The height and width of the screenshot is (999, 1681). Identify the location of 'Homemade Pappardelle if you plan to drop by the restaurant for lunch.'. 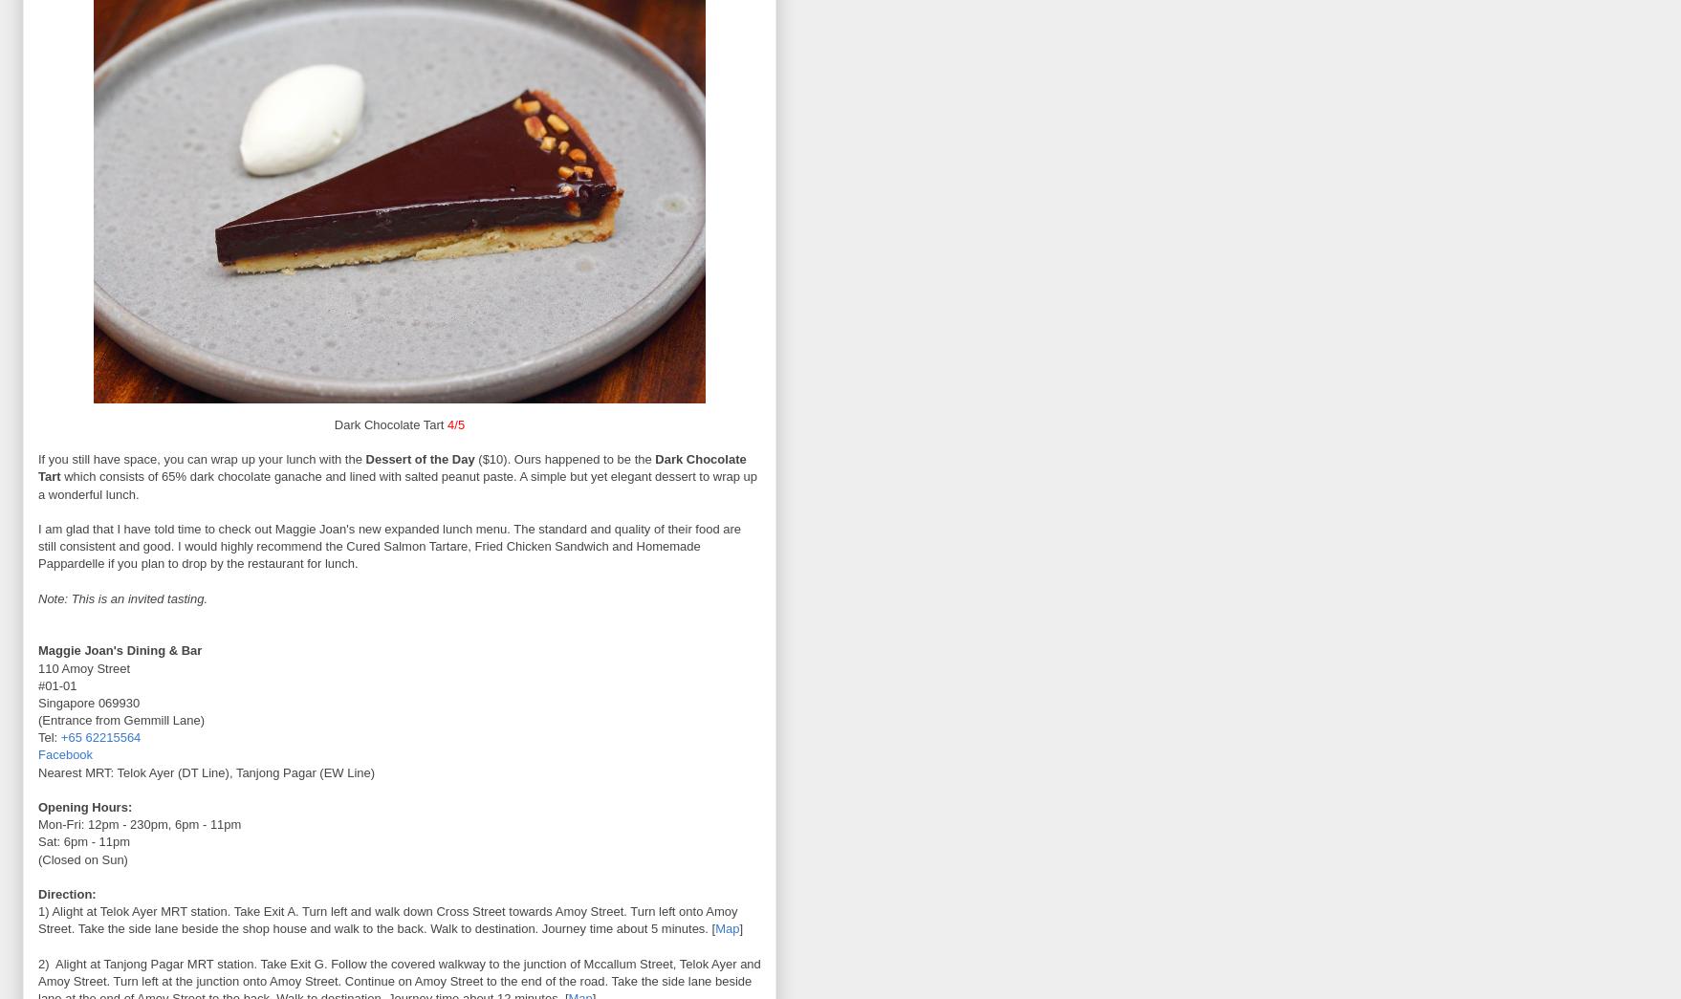
(369, 554).